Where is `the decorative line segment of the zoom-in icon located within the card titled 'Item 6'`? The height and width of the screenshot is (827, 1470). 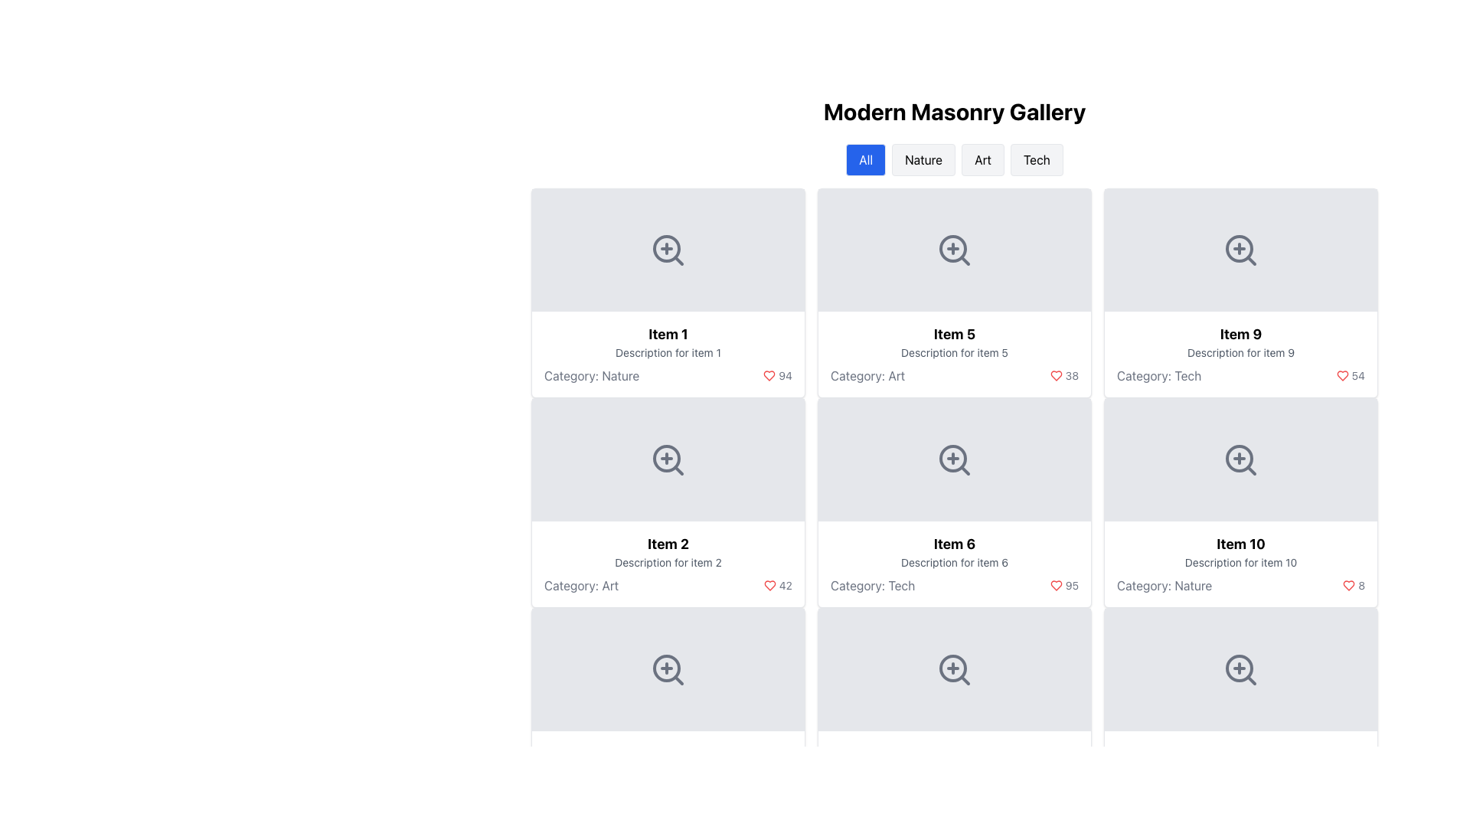 the decorative line segment of the zoom-in icon located within the card titled 'Item 6' is located at coordinates (964, 469).